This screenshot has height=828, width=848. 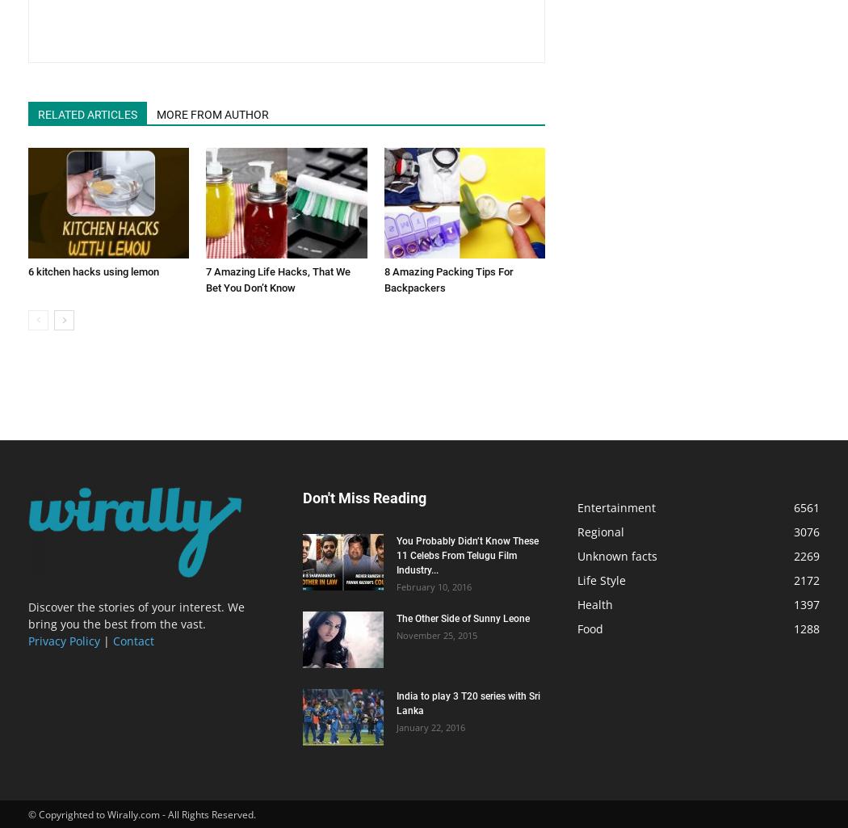 I want to click on 'Privacy Policy', so click(x=27, y=640).